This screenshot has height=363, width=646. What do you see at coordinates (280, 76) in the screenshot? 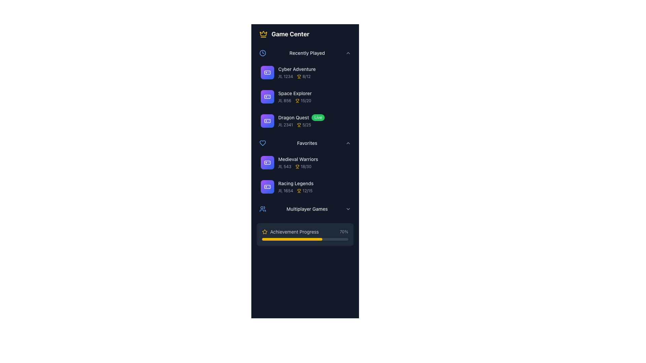
I see `the text indicating the number of users associated with the 'Cyber Adventure' game, located next to the user symbol icon in the 'Recently Played' section` at bounding box center [280, 76].